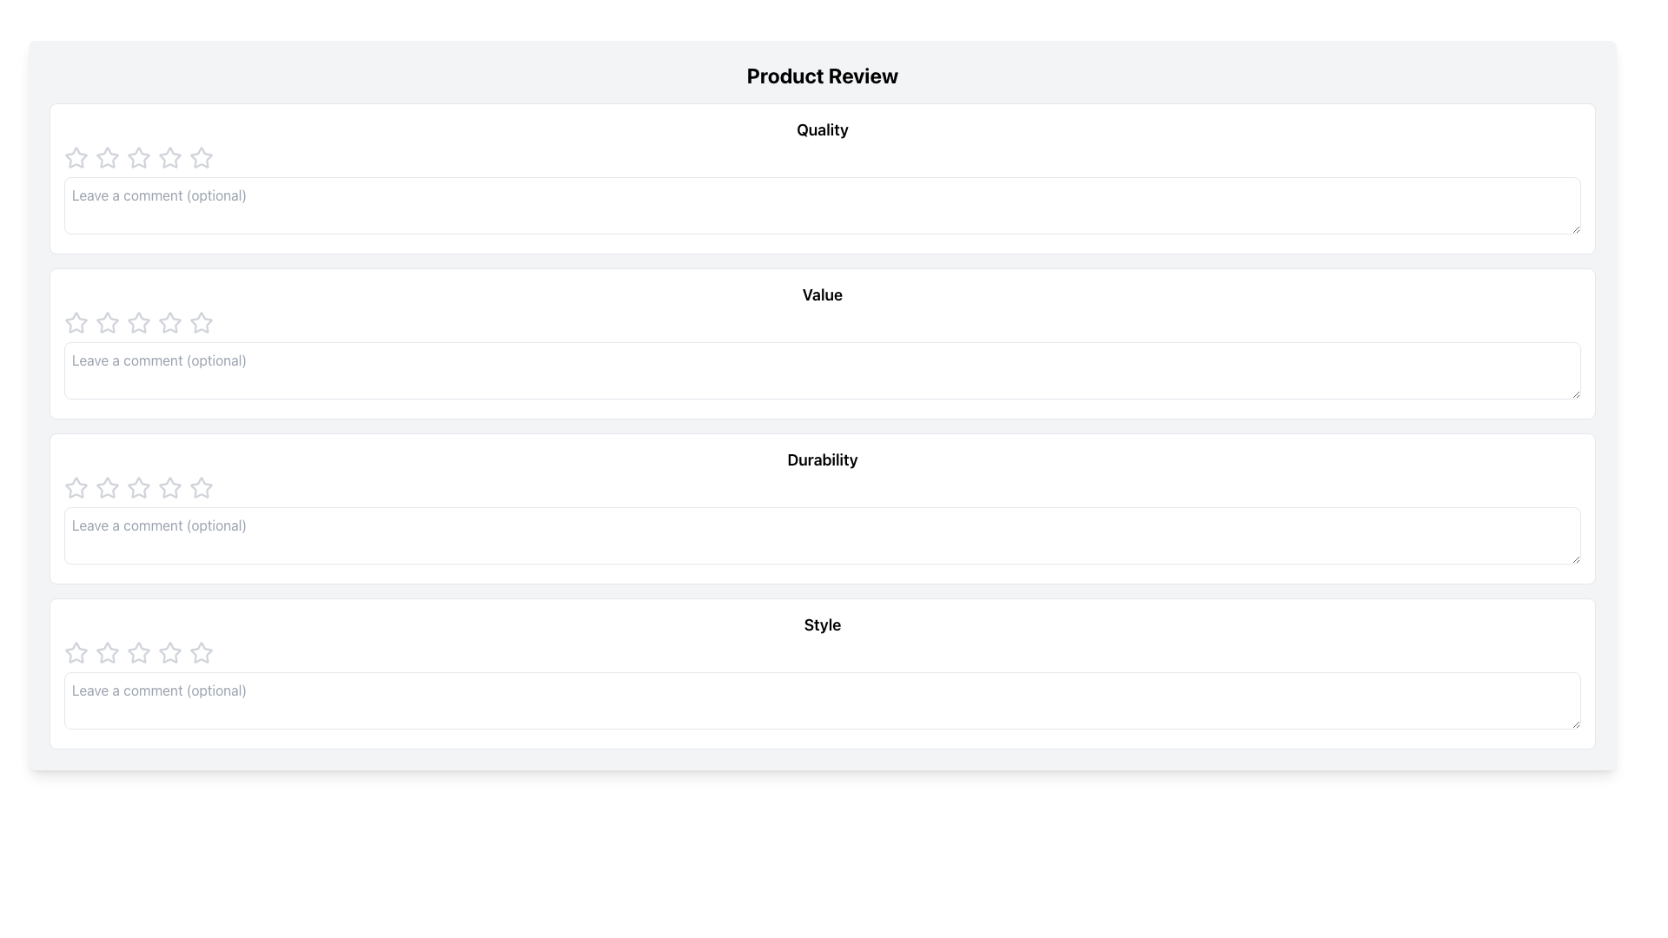 This screenshot has height=938, width=1668. What do you see at coordinates (201, 487) in the screenshot?
I see `the third star in the five-star rating scale under the 'Durability' category` at bounding box center [201, 487].